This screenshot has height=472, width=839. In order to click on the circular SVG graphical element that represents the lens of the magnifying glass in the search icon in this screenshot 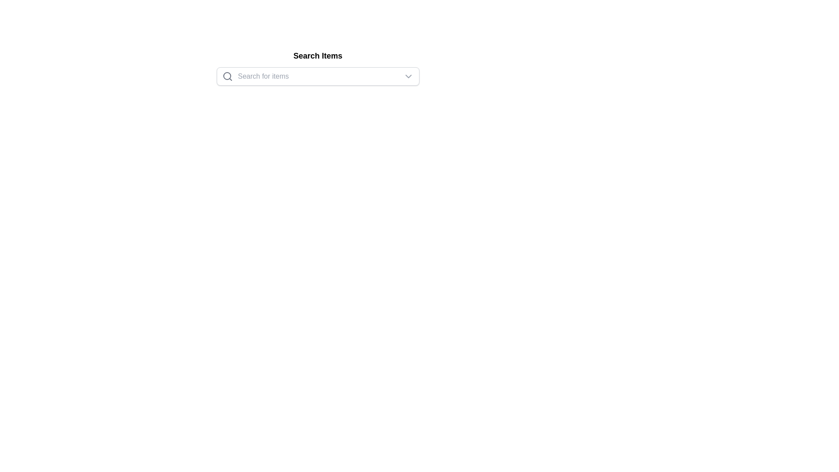, I will do `click(227, 75)`.